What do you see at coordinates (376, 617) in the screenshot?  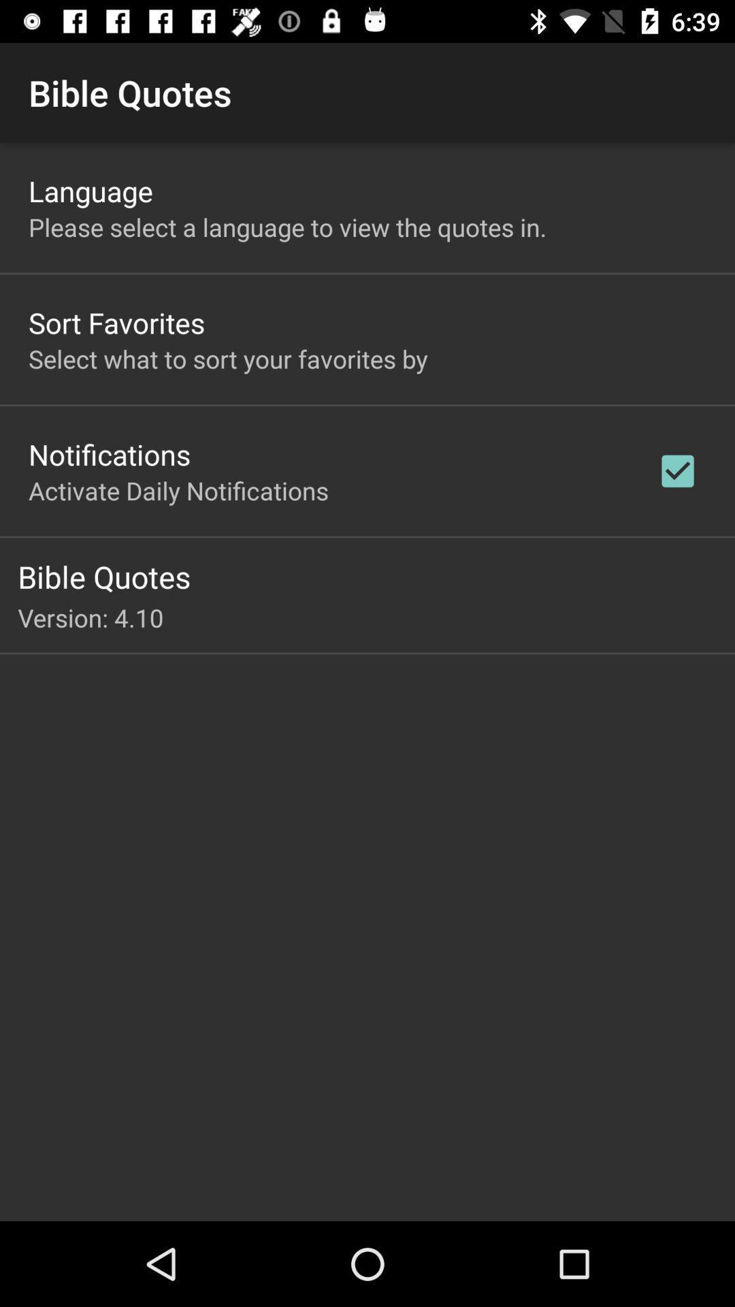 I see `version: 4.10 app` at bounding box center [376, 617].